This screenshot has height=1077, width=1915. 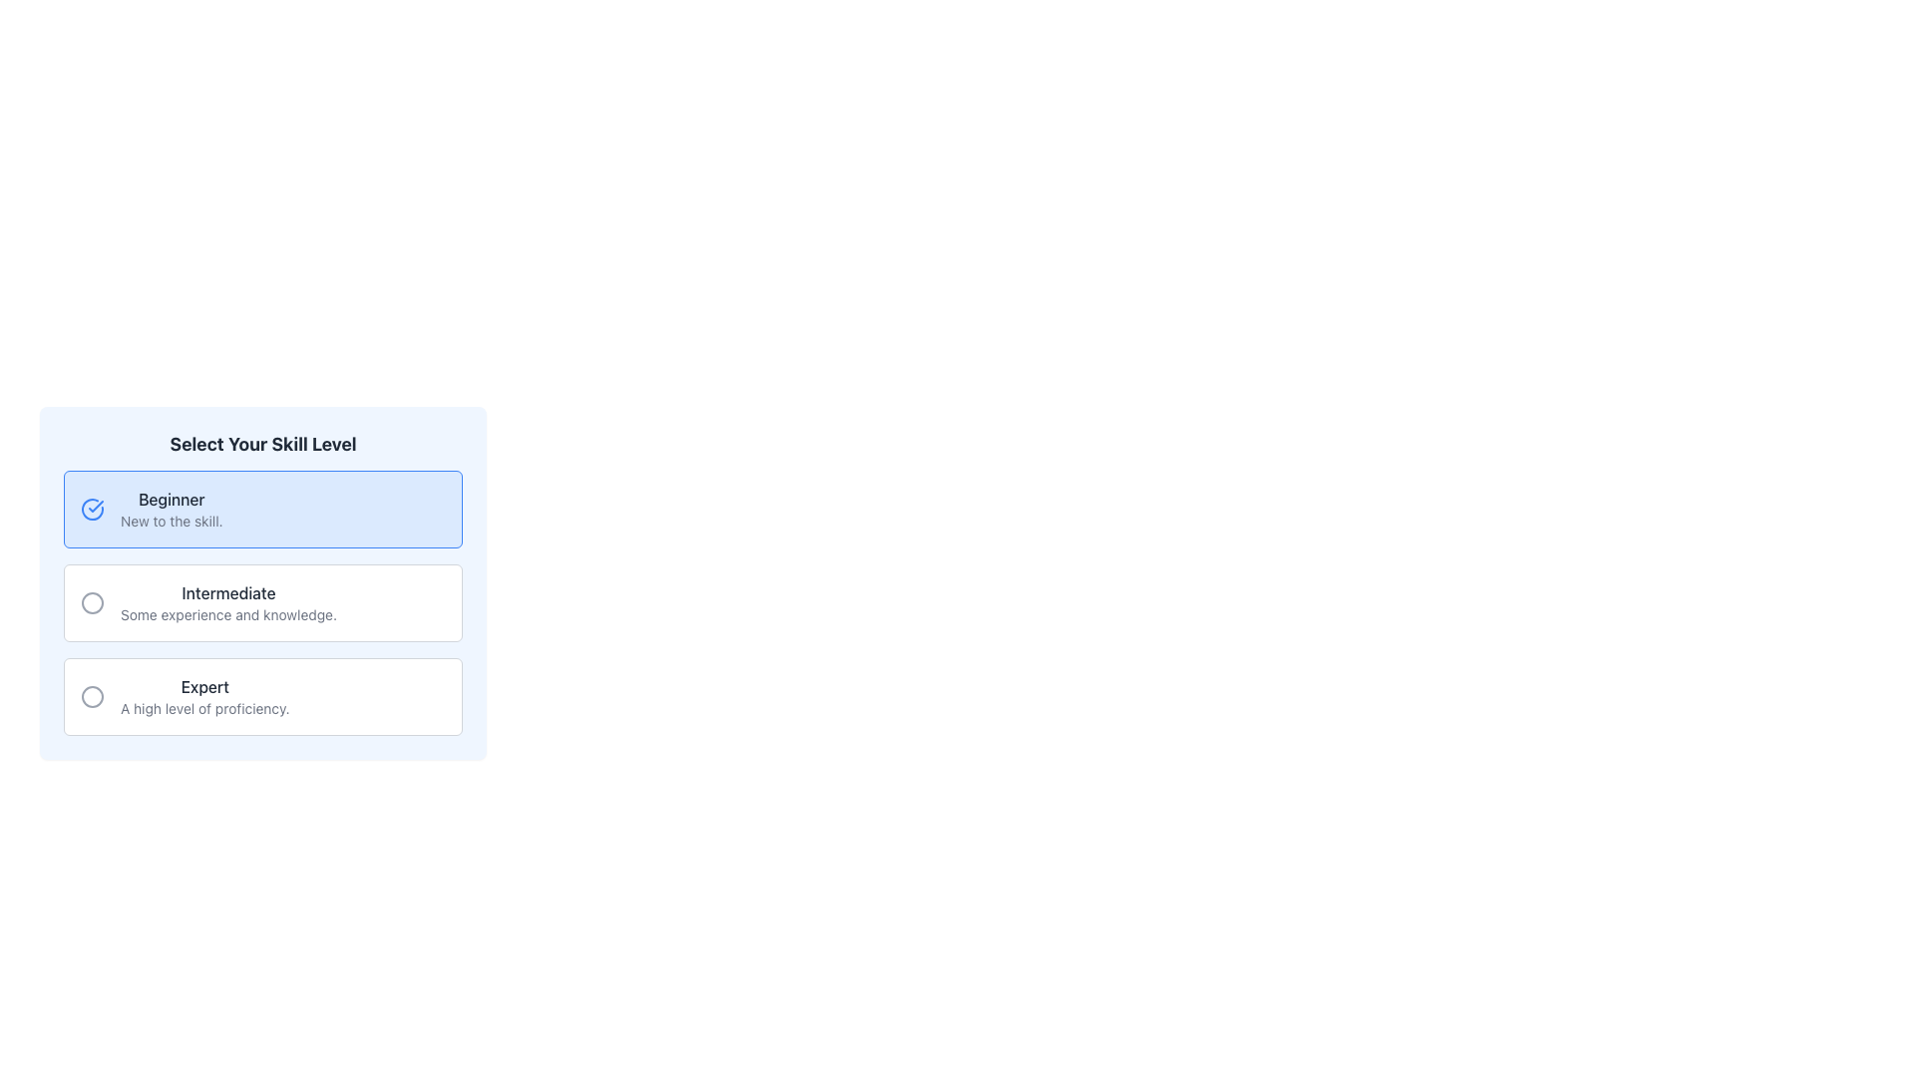 I want to click on the 'Intermediate' label, which is a bold text in a darker shade of gray, positioned above the description 'Some experience and knowledge' in the 'Select Your Skill Level' interface, so click(x=228, y=591).